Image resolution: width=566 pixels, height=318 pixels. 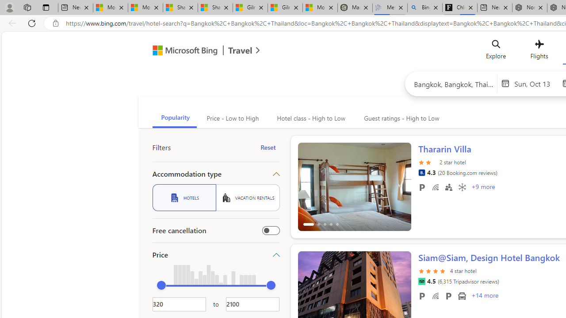 I want to click on 'Back', so click(x=11, y=23).